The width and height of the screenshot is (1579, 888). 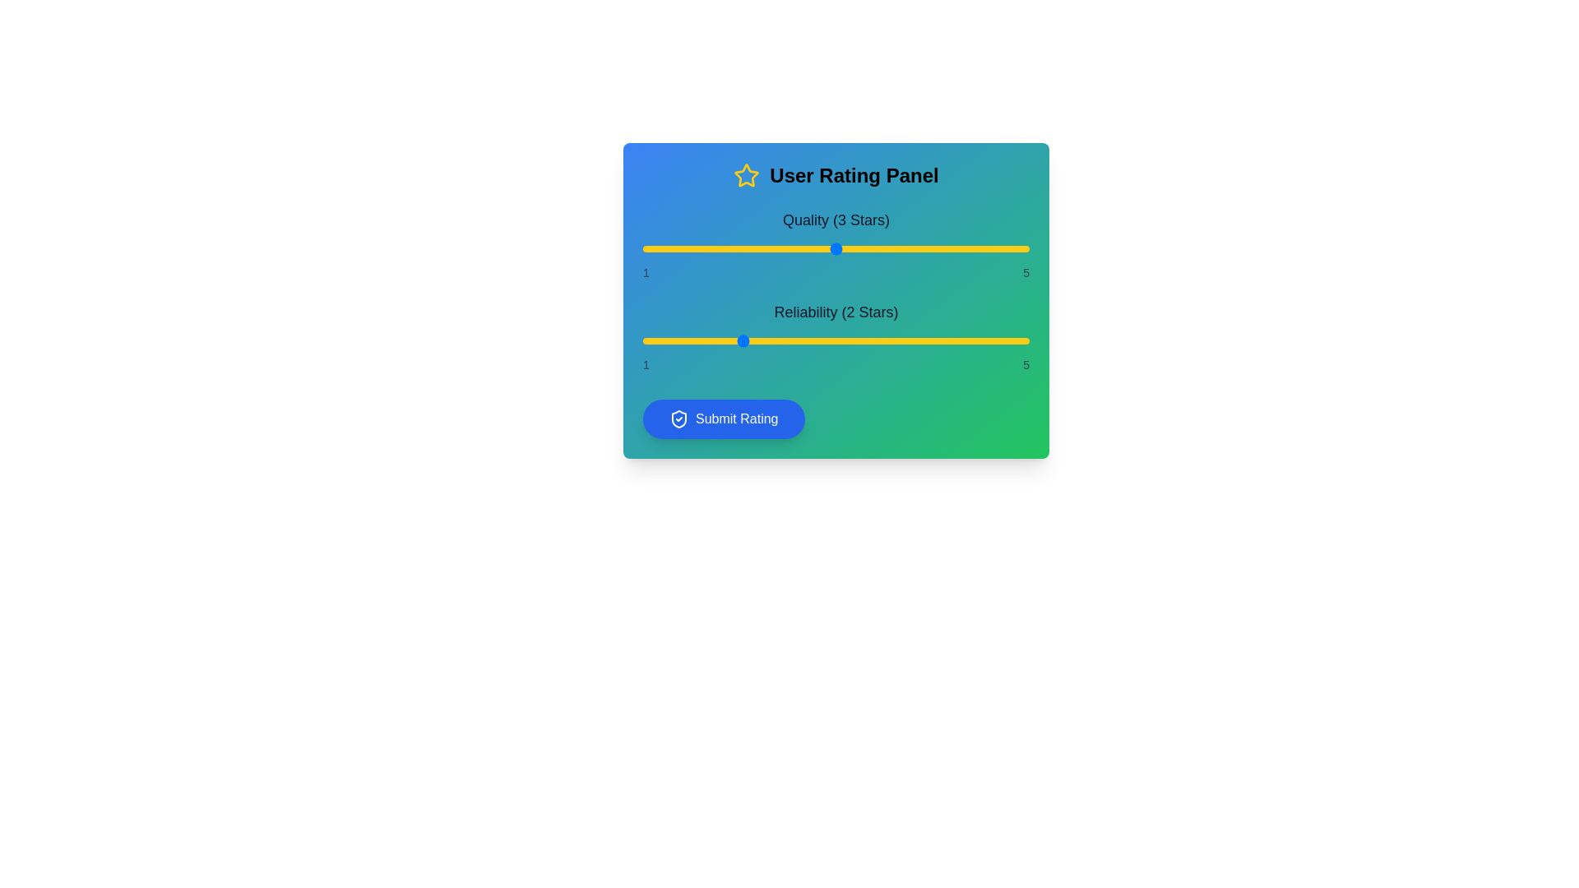 I want to click on 'Submit Rating' button, so click(x=724, y=418).